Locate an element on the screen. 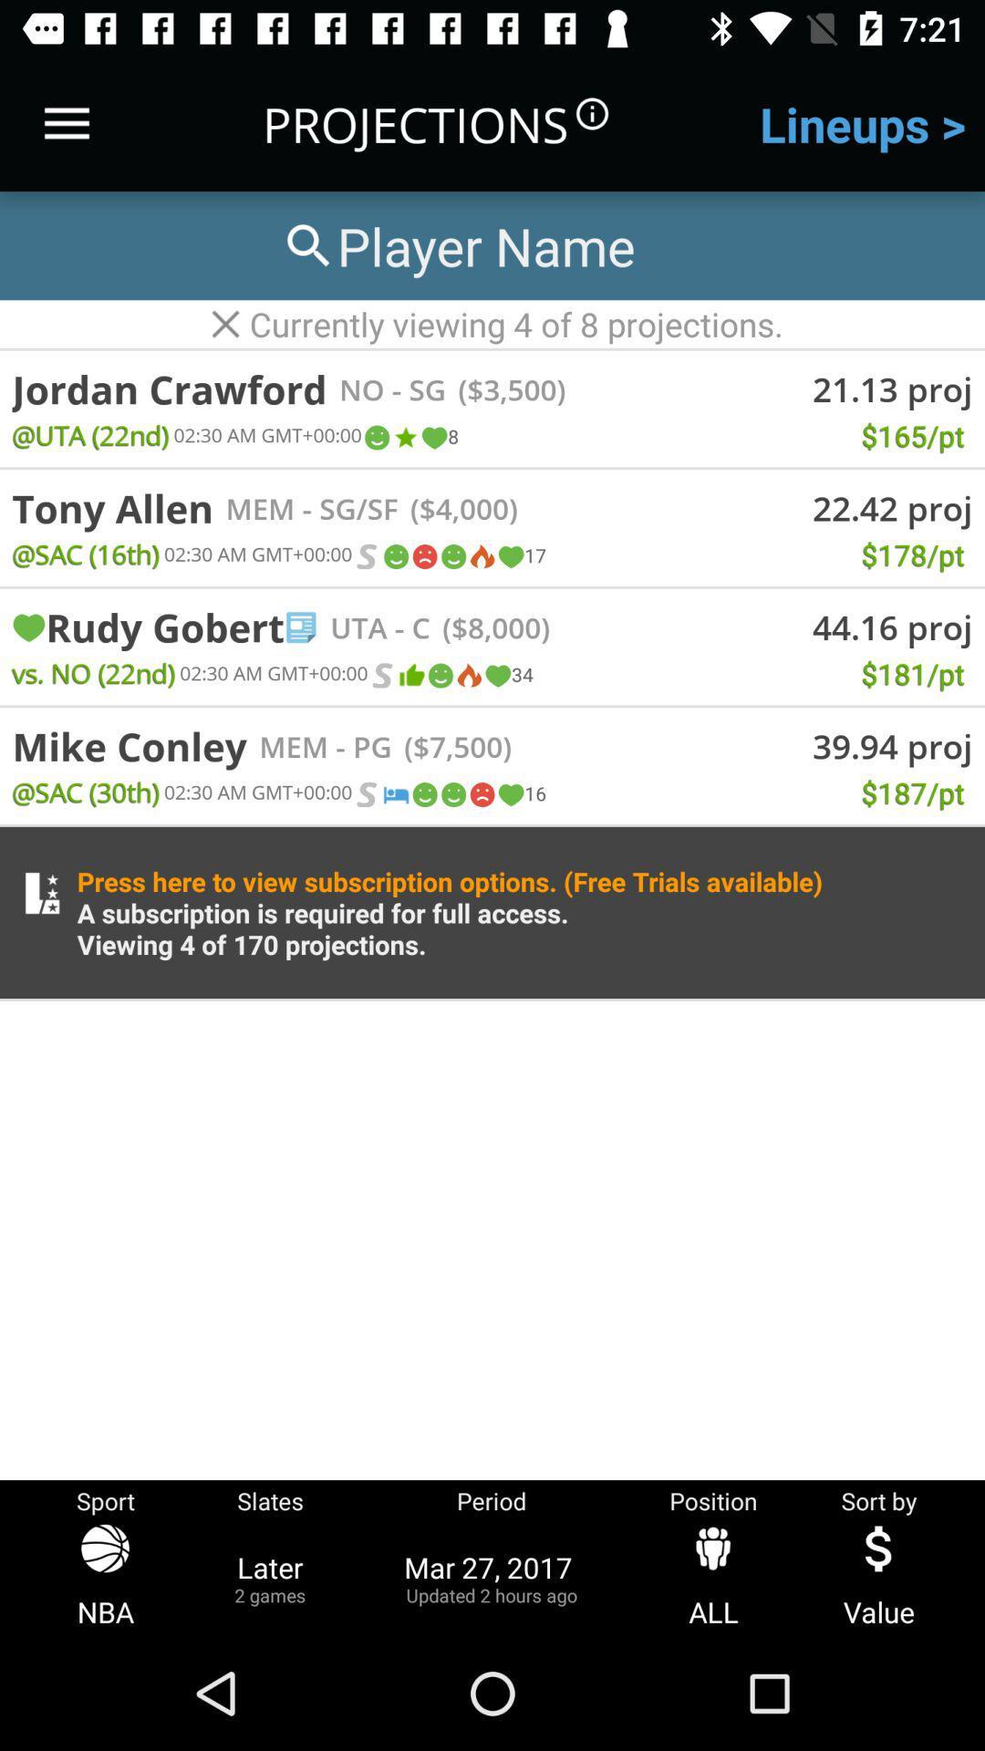  @sac (30th) item is located at coordinates (86, 792).